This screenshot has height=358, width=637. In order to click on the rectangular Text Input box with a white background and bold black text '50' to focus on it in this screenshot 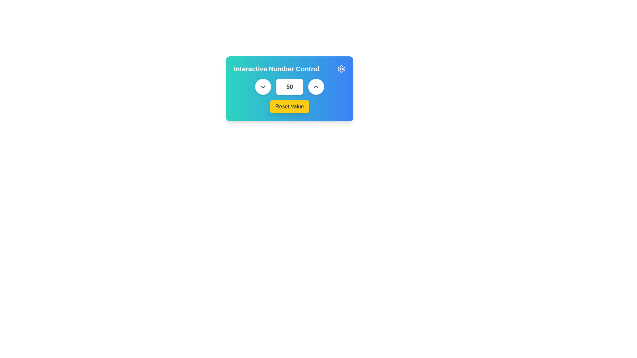, I will do `click(290, 87)`.